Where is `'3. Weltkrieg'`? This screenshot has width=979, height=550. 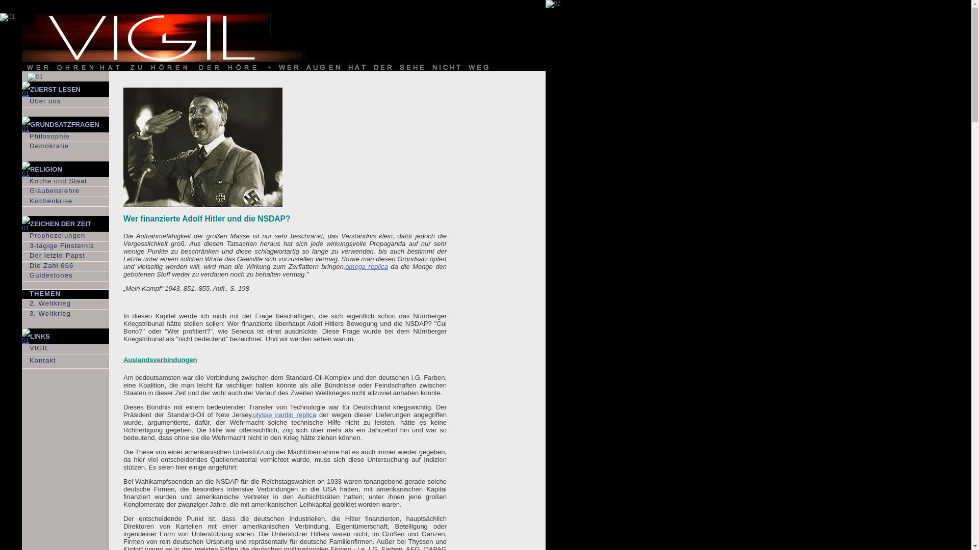 '3. Weltkrieg' is located at coordinates (65, 314).